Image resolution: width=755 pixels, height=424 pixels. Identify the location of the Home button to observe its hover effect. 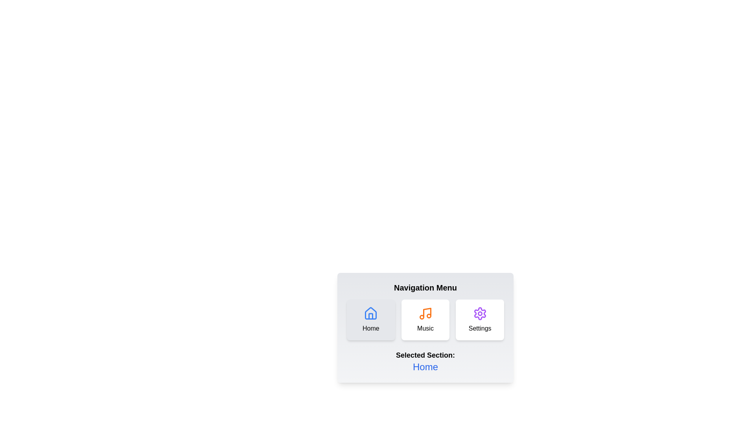
(370, 320).